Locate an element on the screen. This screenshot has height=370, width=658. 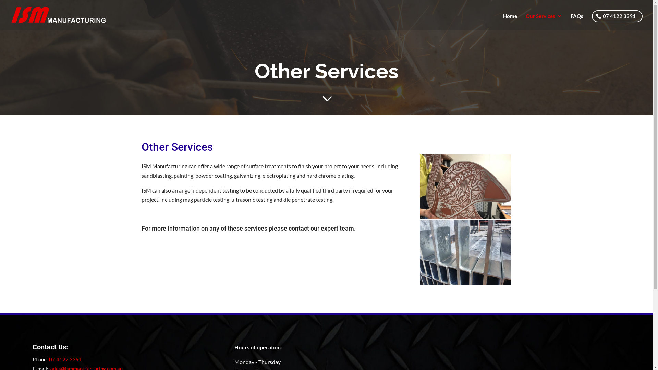
'FAQs' is located at coordinates (576, 21).